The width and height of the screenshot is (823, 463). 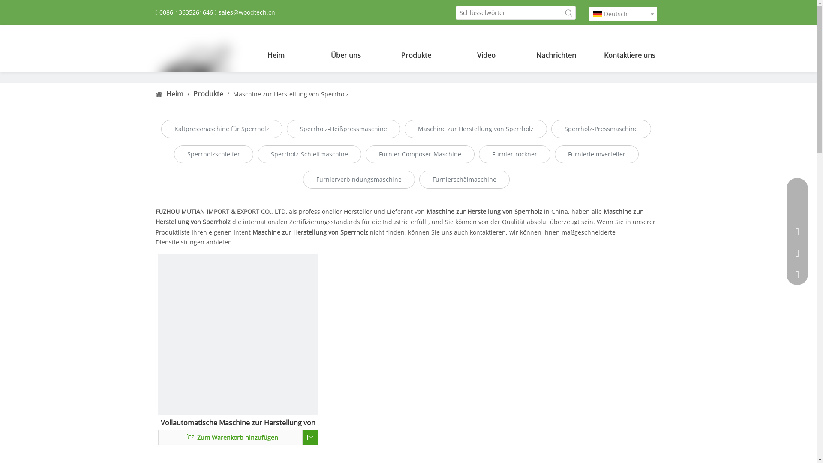 I want to click on 'LOGO100', so click(x=193, y=72).